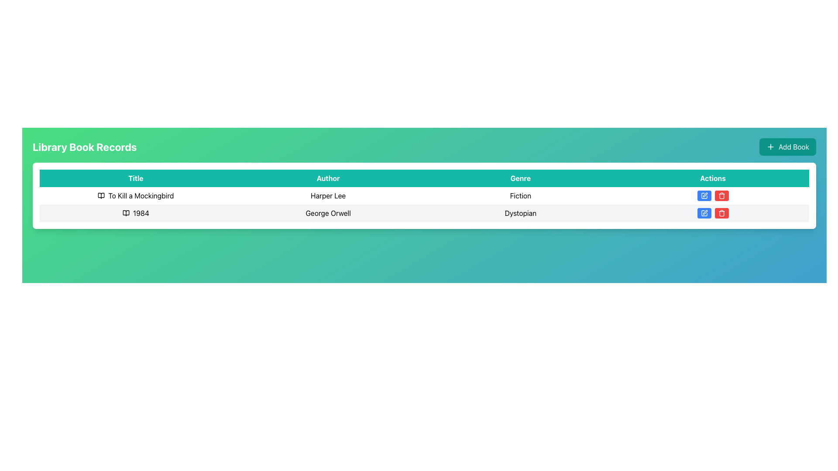 This screenshot has width=838, height=471. What do you see at coordinates (520, 213) in the screenshot?
I see `'Dystopian' genre text label located in the 'Genre' column for the book '1984' by George Orwell` at bounding box center [520, 213].